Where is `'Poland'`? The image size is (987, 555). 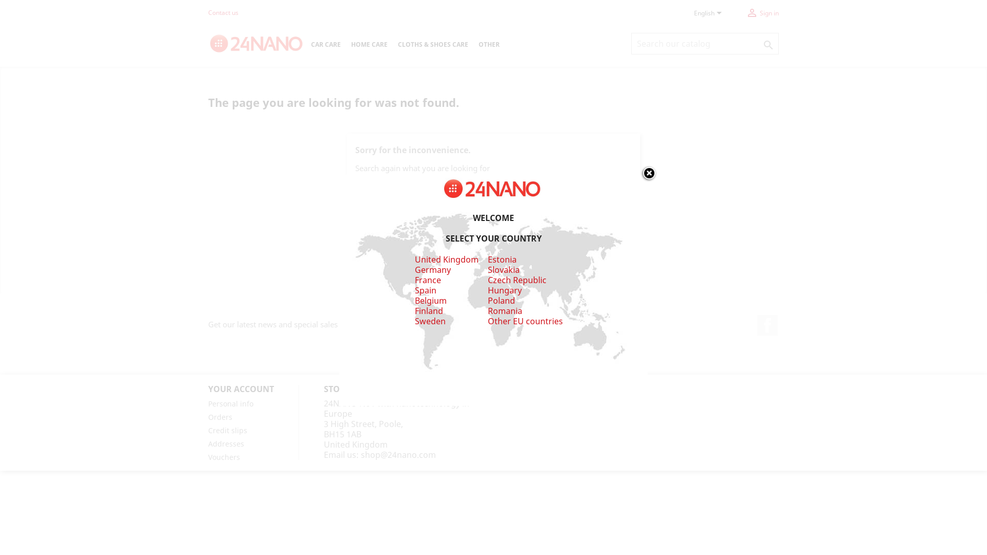 'Poland' is located at coordinates (501, 301).